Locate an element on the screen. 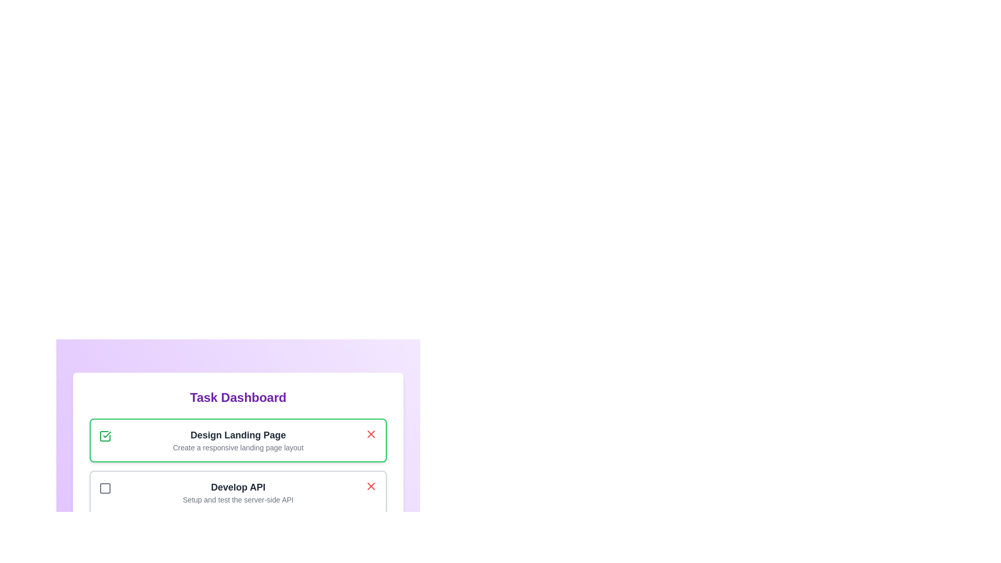  the task with ID 2 by clicking its associated 'X' button is located at coordinates (371, 486).